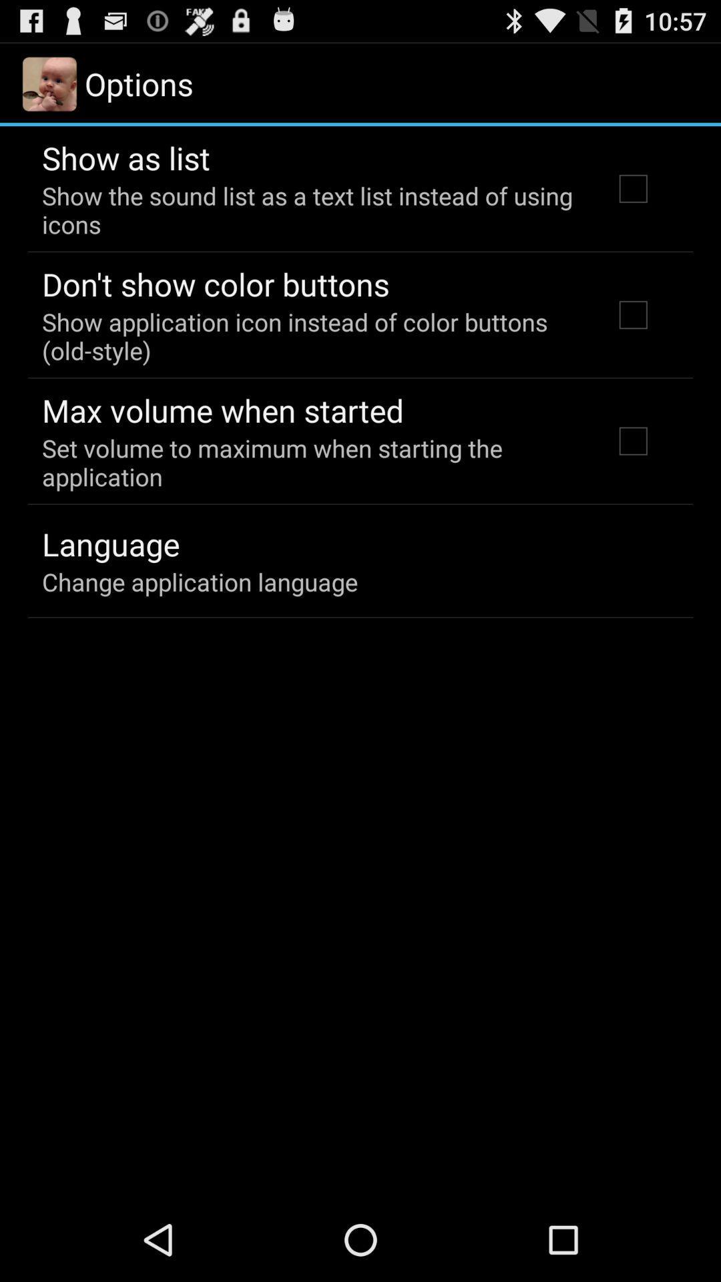 Image resolution: width=721 pixels, height=1282 pixels. What do you see at coordinates (309, 336) in the screenshot?
I see `the item below the don t show item` at bounding box center [309, 336].